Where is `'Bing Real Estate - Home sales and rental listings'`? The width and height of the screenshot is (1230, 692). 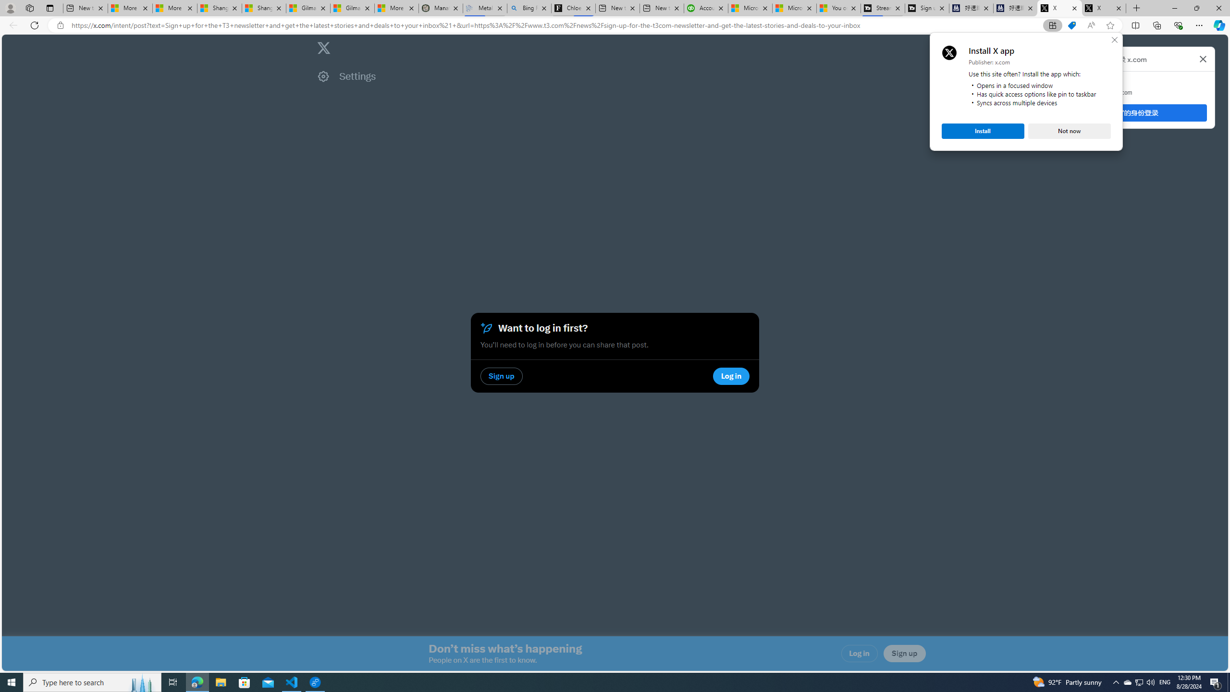 'Bing Real Estate - Home sales and rental listings' is located at coordinates (529, 8).